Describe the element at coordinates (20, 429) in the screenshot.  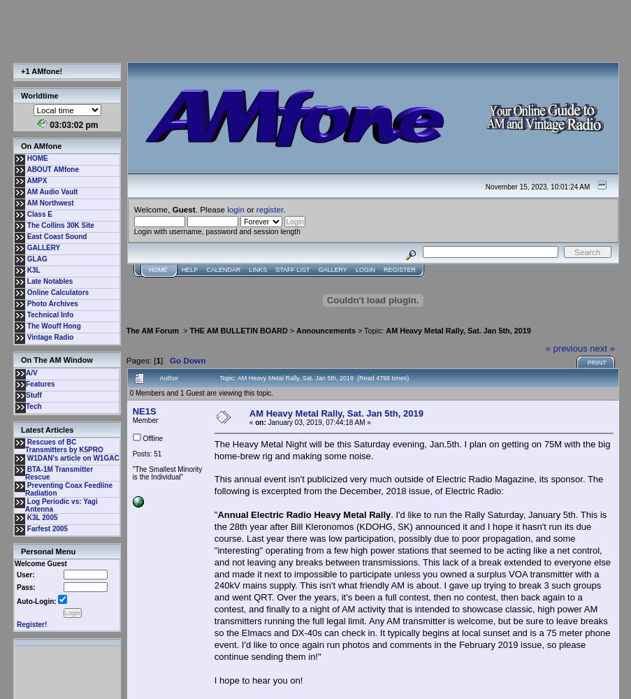
I see `'Latest Articles'` at that location.